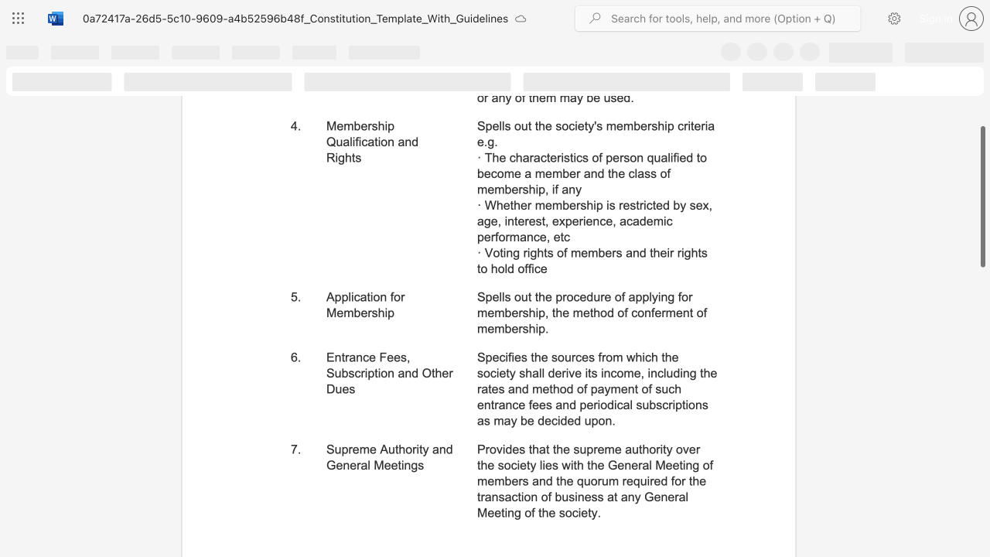 Image resolution: width=990 pixels, height=557 pixels. I want to click on the subset text "ut the procedure of applying for membership, the method of co" within the text "Spells out the procedure of applying for membership, the method of conferment of membership.", so click(521, 297).